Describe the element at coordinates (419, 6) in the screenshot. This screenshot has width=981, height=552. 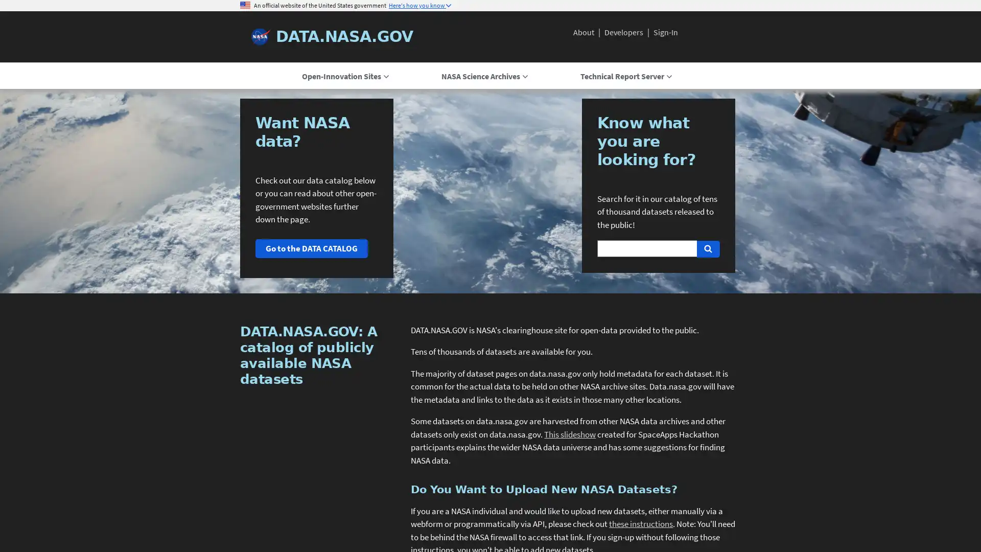
I see `Here's how you know` at that location.